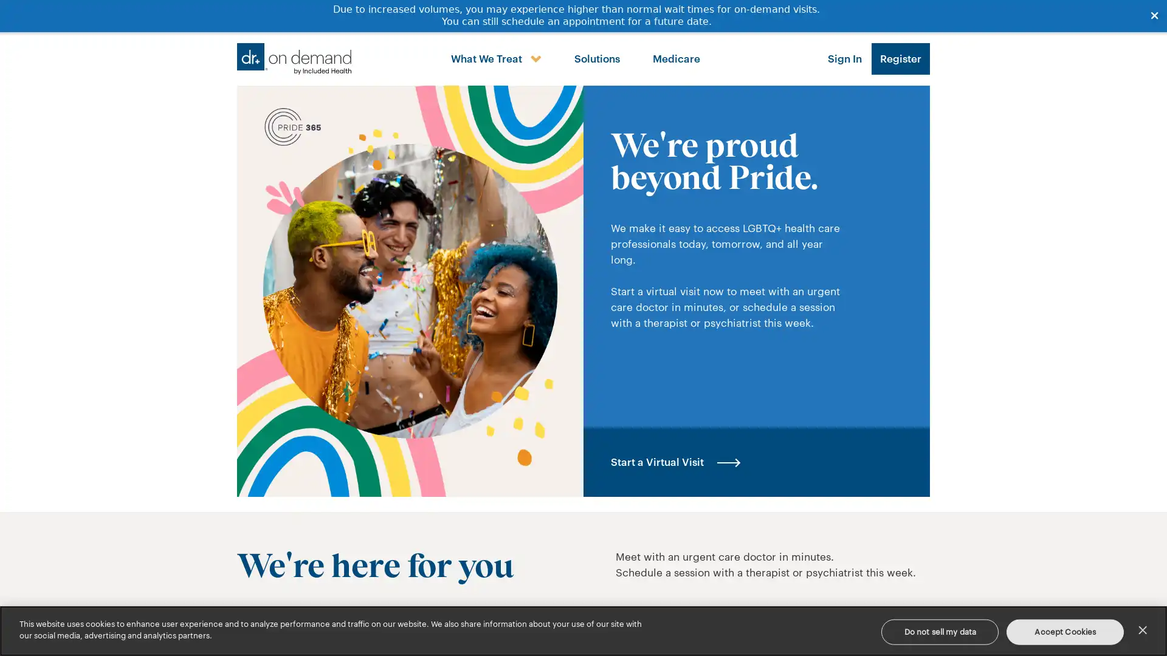 This screenshot has height=656, width=1167. Describe the element at coordinates (1064, 631) in the screenshot. I see `Accept Cookies` at that location.